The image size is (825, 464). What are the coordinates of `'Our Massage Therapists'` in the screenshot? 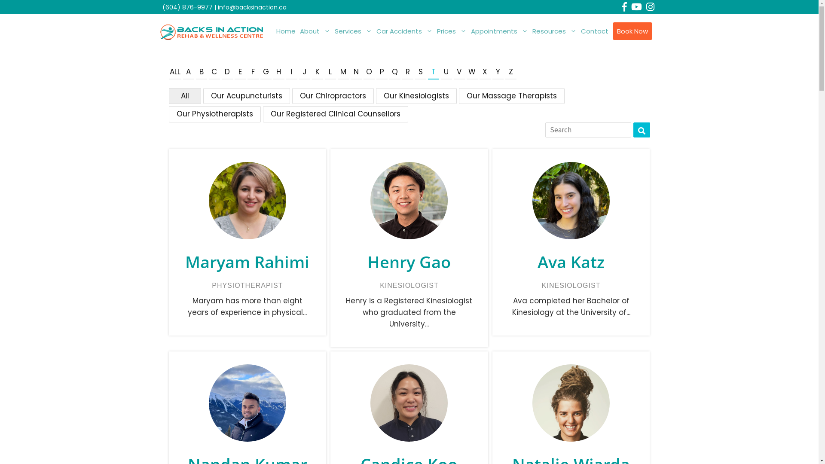 It's located at (511, 95).